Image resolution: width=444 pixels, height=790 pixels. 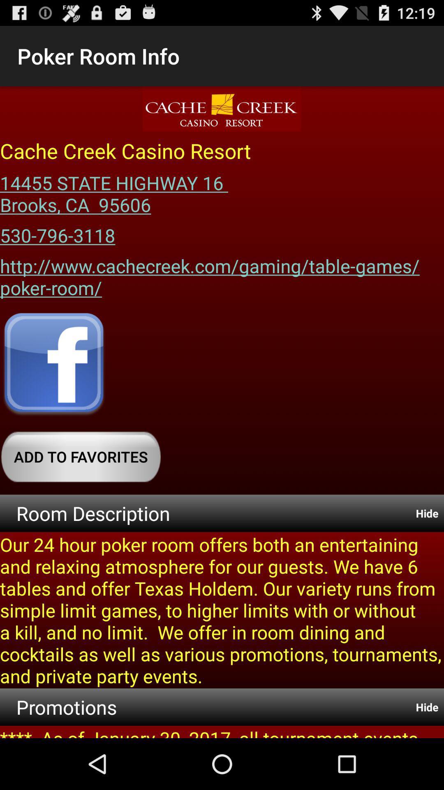 I want to click on the 530-796-3118 app, so click(x=57, y=232).